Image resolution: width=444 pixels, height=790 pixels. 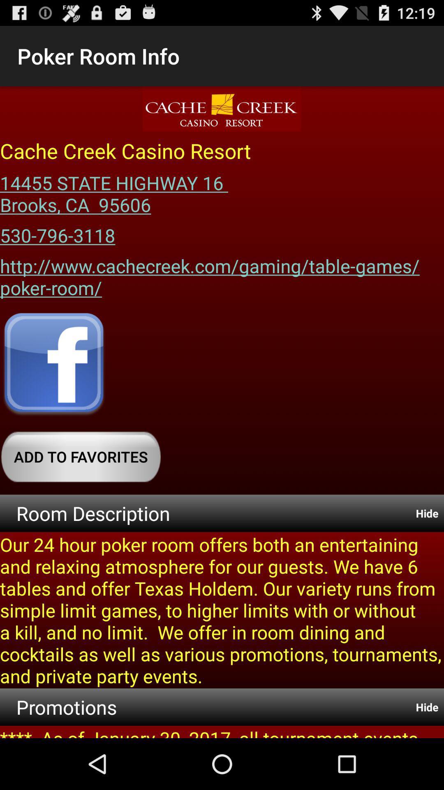 I want to click on the 530-796-3118 app, so click(x=57, y=232).